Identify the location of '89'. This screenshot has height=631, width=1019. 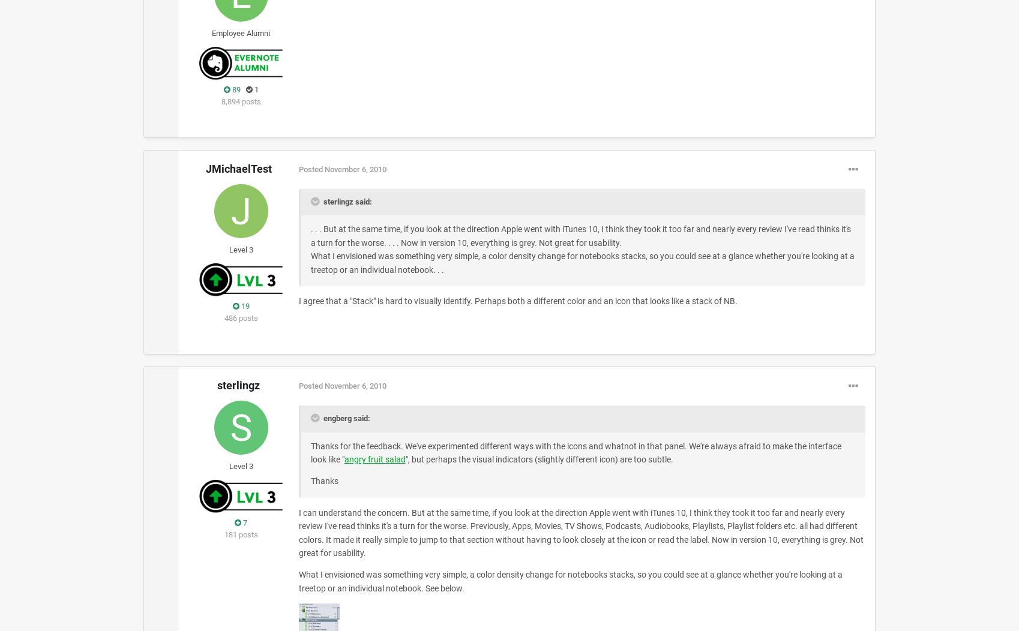
(235, 89).